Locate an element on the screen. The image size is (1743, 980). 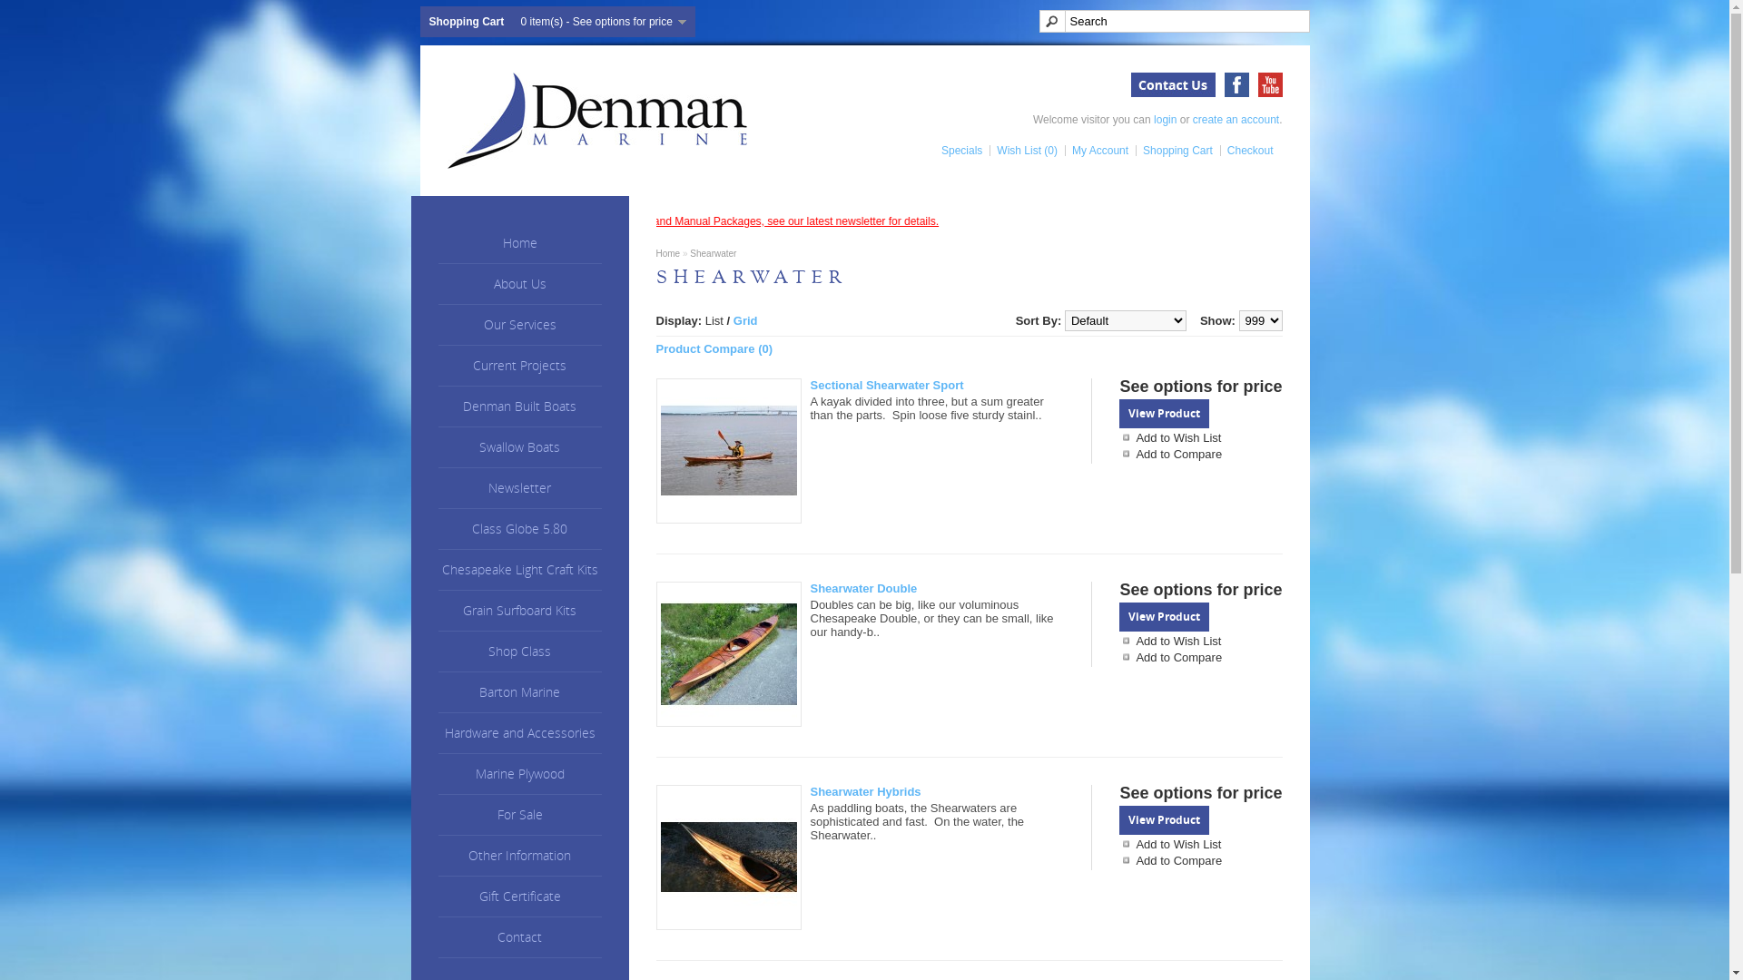
'Current Projects' is located at coordinates (517, 366).